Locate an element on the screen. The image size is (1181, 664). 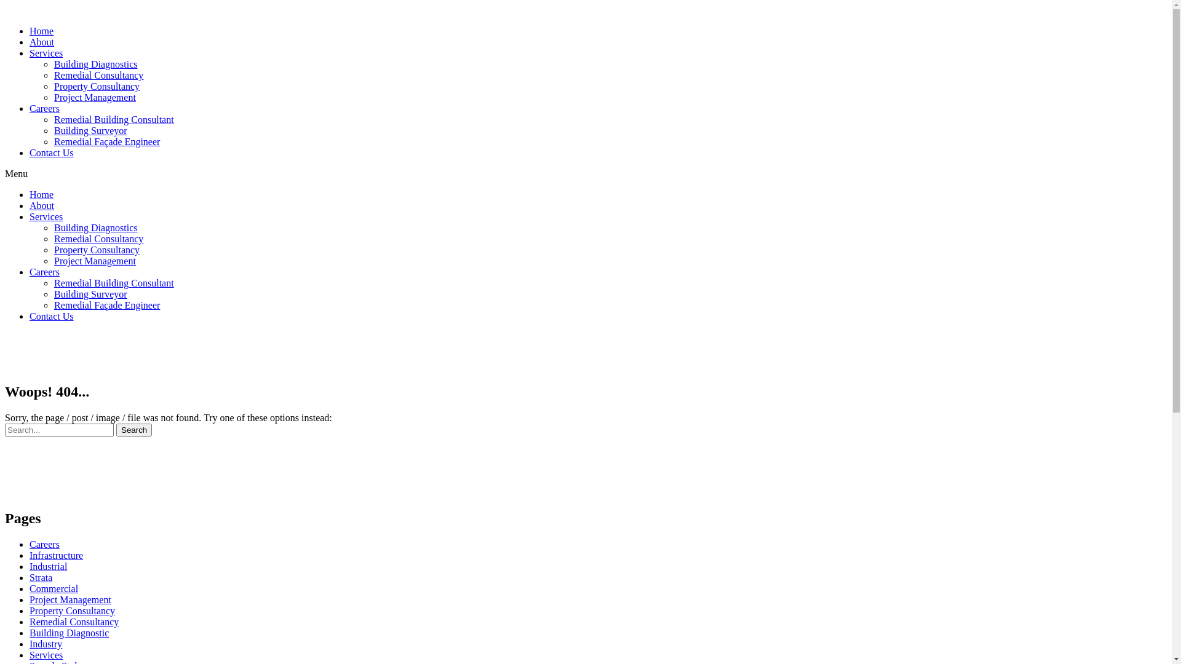
'Remedial Building Consultant' is located at coordinates (114, 283).